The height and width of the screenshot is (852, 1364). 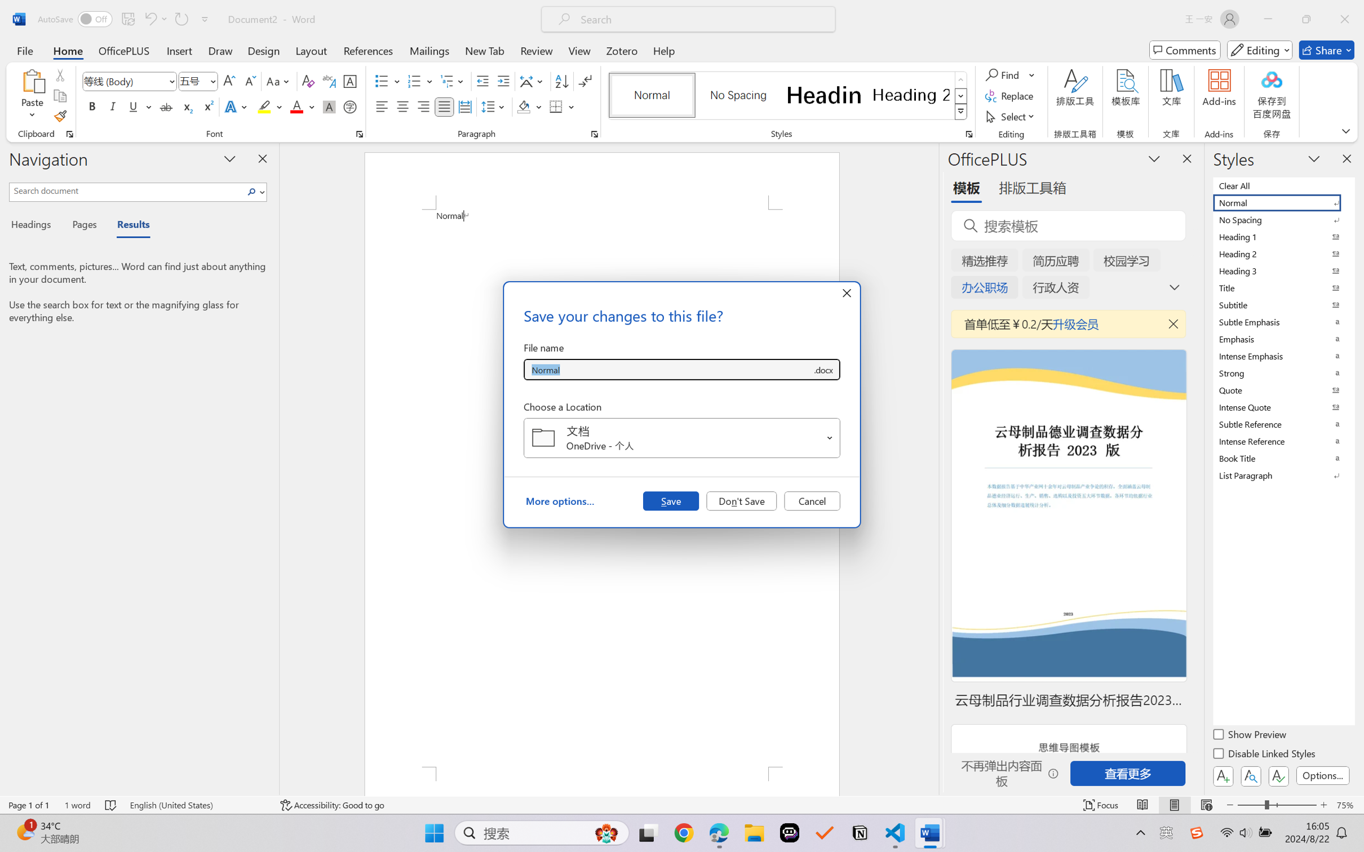 What do you see at coordinates (960, 79) in the screenshot?
I see `'Row up'` at bounding box center [960, 79].